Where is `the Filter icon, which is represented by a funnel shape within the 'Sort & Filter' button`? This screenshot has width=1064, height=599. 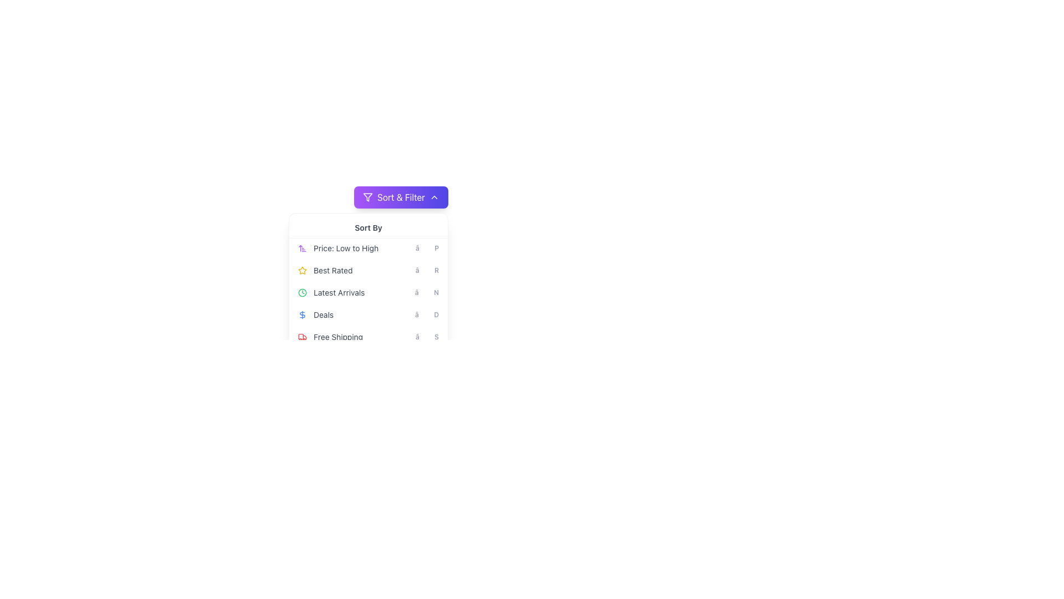
the Filter icon, which is represented by a funnel shape within the 'Sort & Filter' button is located at coordinates (367, 196).